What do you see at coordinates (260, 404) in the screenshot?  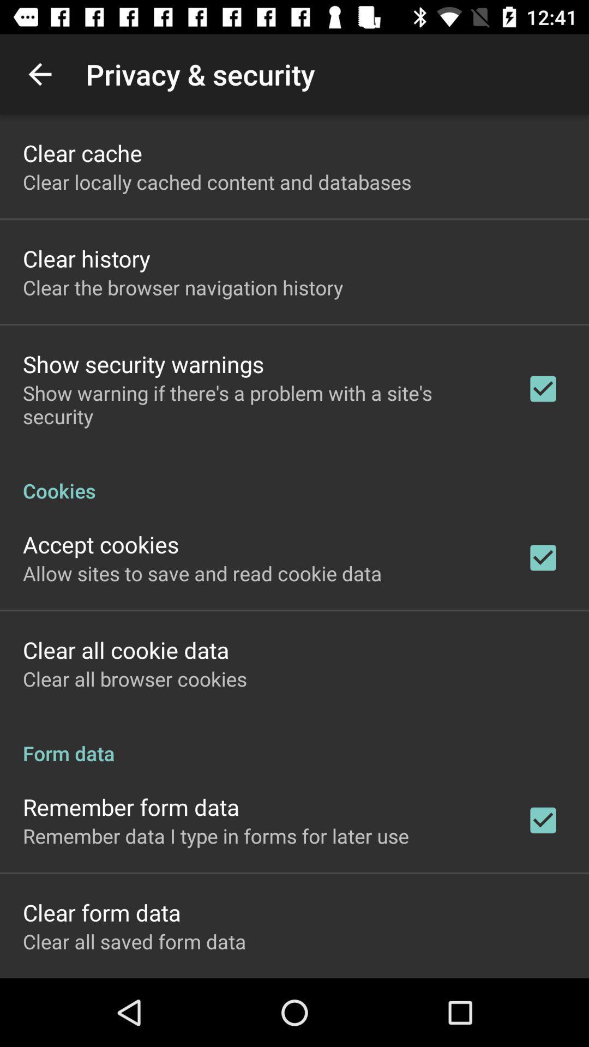 I see `show warning if icon` at bounding box center [260, 404].